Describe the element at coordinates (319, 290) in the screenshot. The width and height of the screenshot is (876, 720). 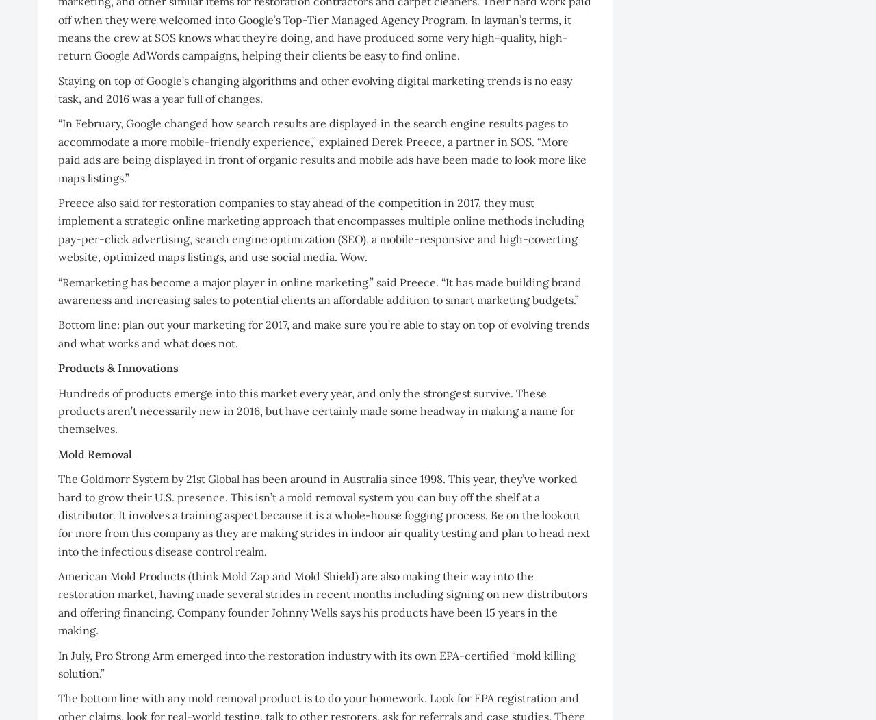
I see `'“Remarketing has become a major player in online marketing,” said Preece. “It has made building brand awareness and increasing sales to potential clients an affordable addition to smart marketing budgets.”'` at that location.